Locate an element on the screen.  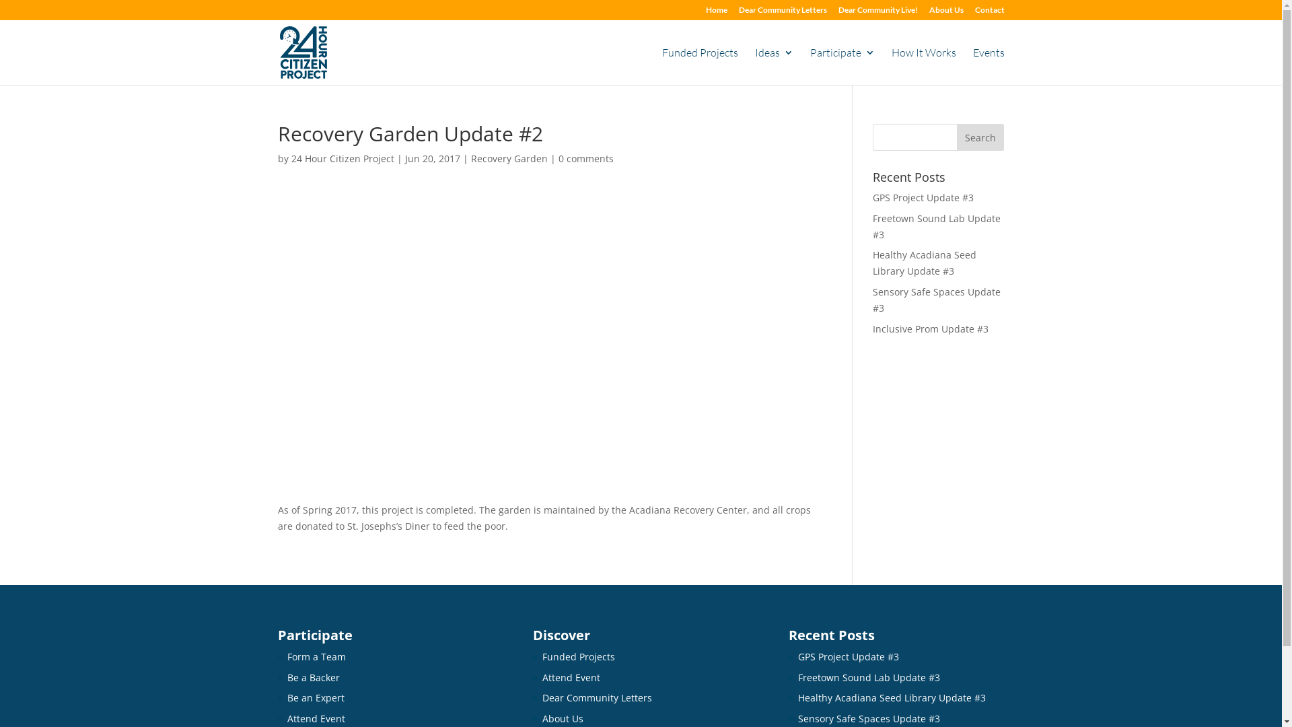
'24 Hour Citizen Project' is located at coordinates (342, 158).